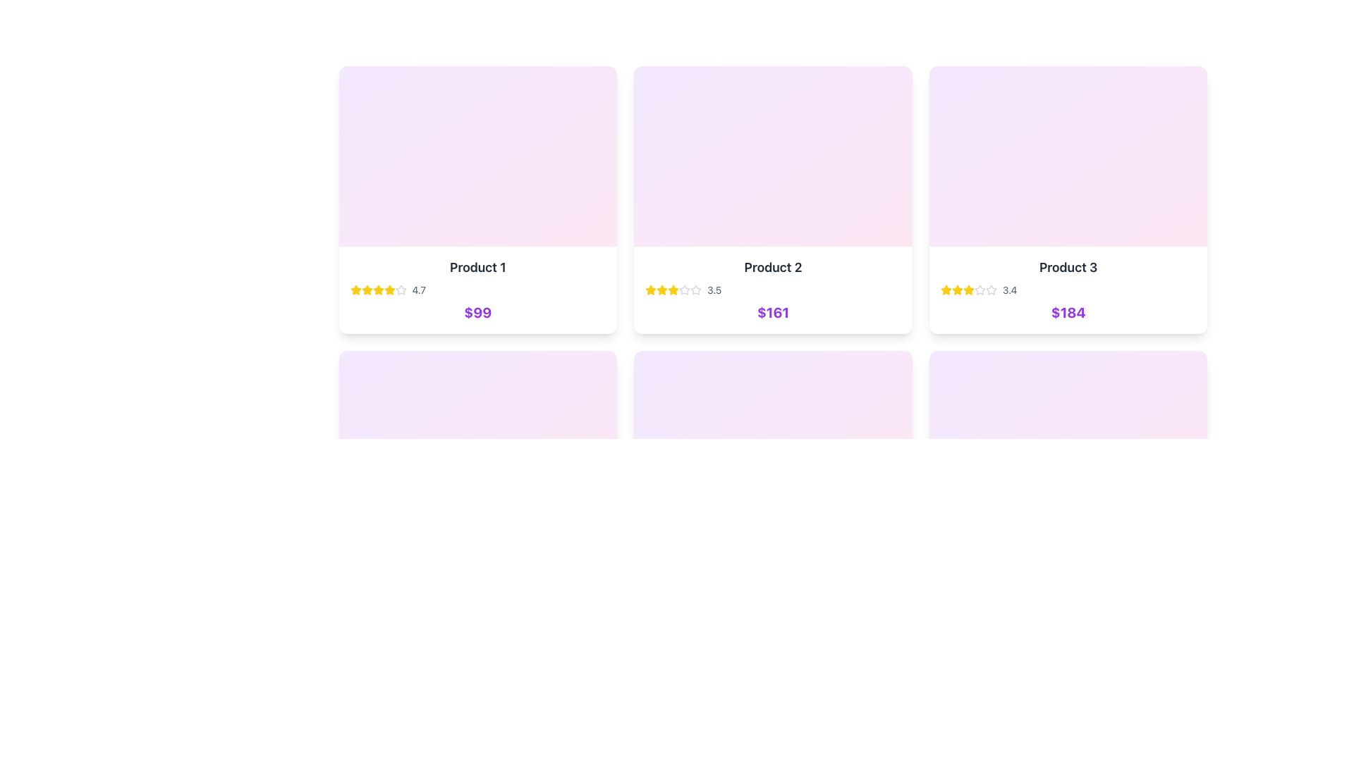  What do you see at coordinates (565, 87) in the screenshot?
I see `the like/save button located at the top-right corner of 'Product 1' card` at bounding box center [565, 87].